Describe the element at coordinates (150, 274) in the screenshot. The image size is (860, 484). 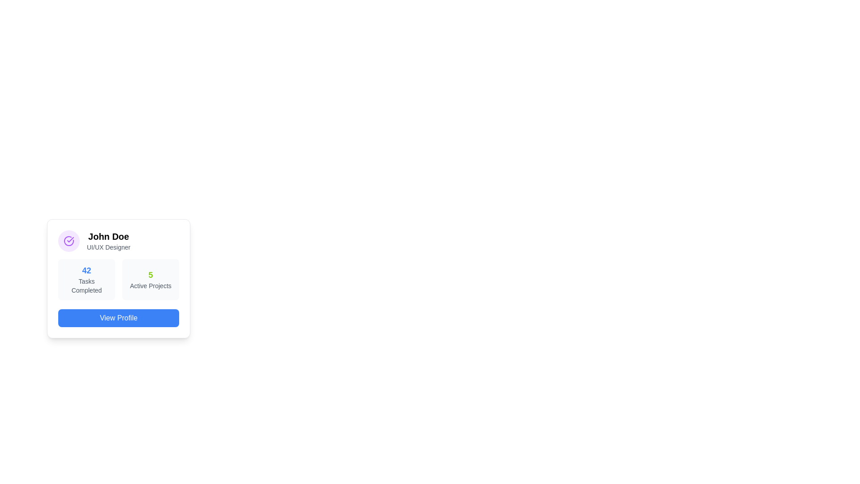
I see `the numeric value displayed in the 'Active Projects' section of the card component located on the right side of the information panel` at that location.